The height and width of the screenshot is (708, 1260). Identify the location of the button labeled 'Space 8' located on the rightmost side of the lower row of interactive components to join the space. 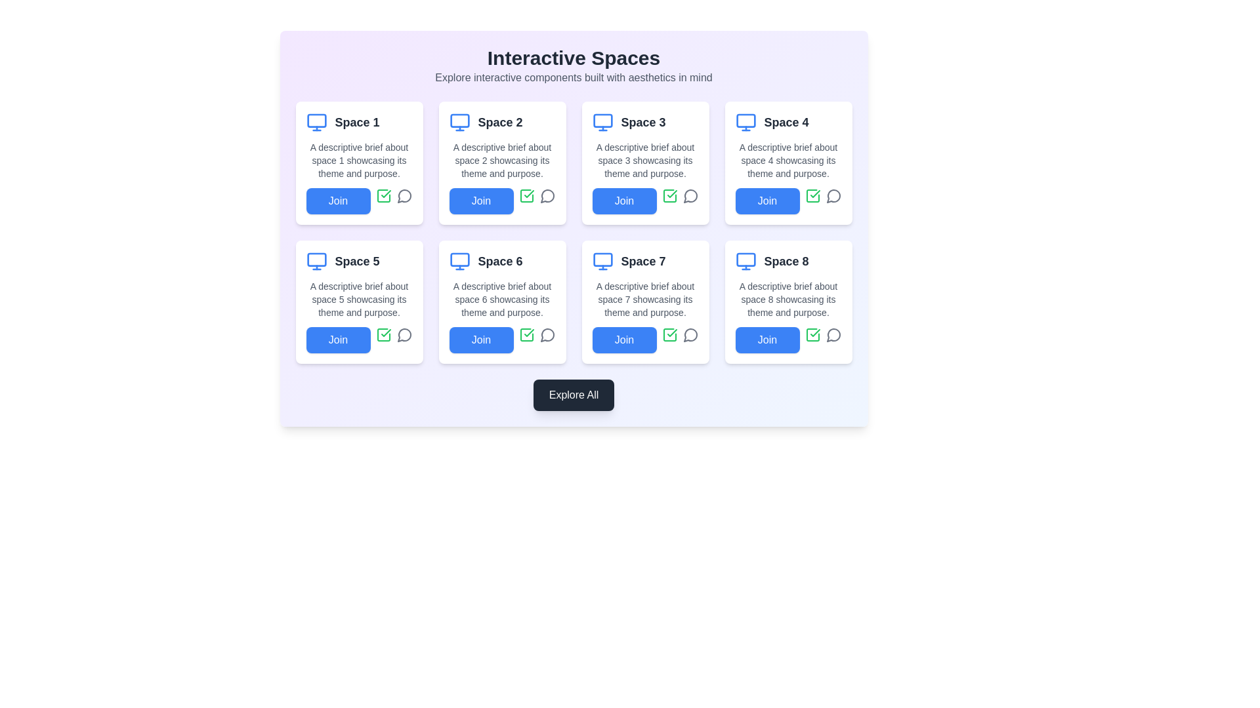
(787, 340).